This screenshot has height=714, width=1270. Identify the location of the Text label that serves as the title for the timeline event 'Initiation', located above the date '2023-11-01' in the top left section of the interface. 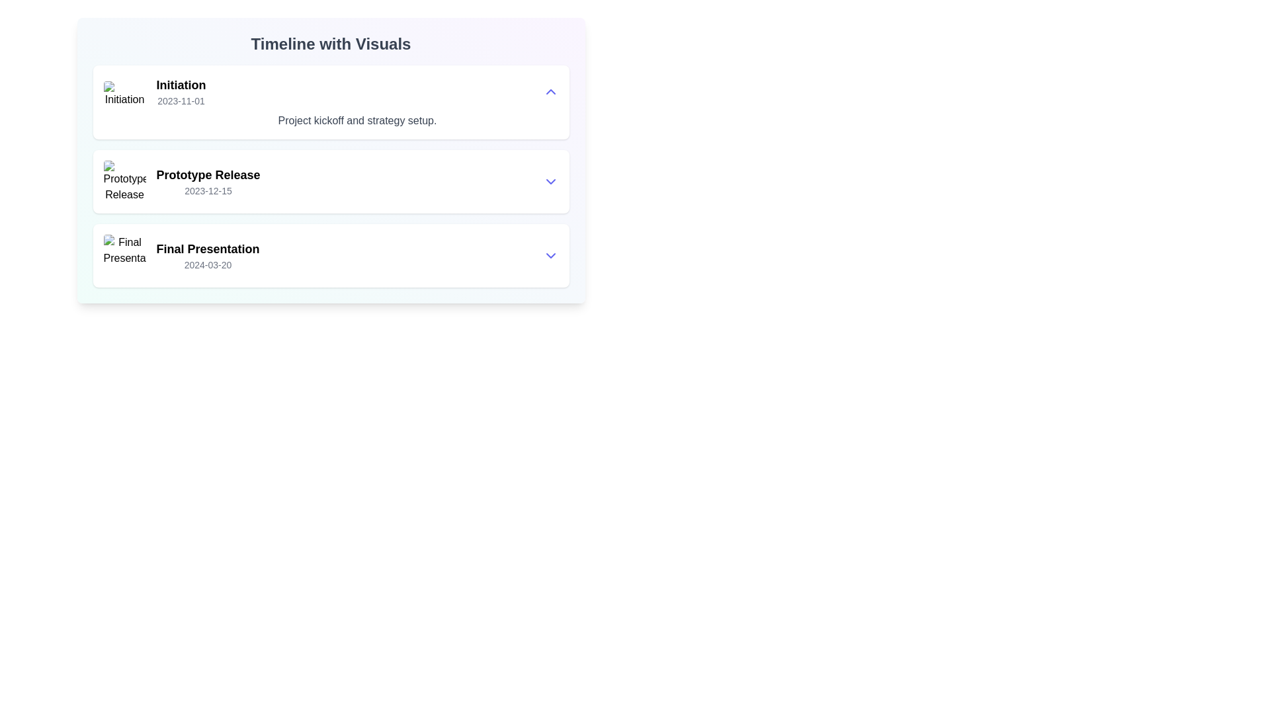
(180, 85).